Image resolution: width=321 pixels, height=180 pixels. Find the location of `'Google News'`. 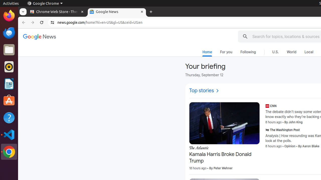

'Google News' is located at coordinates (39, 37).